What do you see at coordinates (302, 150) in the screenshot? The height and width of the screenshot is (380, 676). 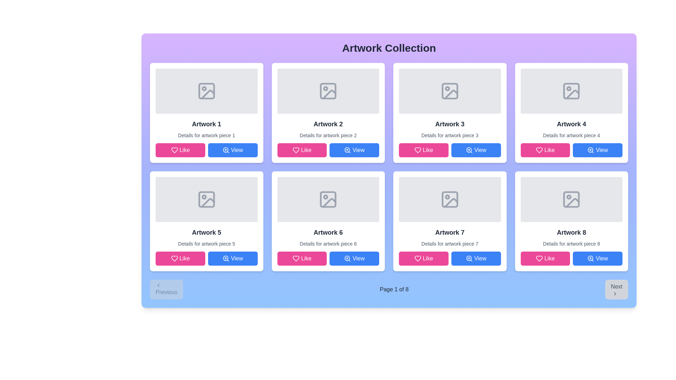 I see `the 'like' button for Artwork 2 to visualize its hover state` at bounding box center [302, 150].